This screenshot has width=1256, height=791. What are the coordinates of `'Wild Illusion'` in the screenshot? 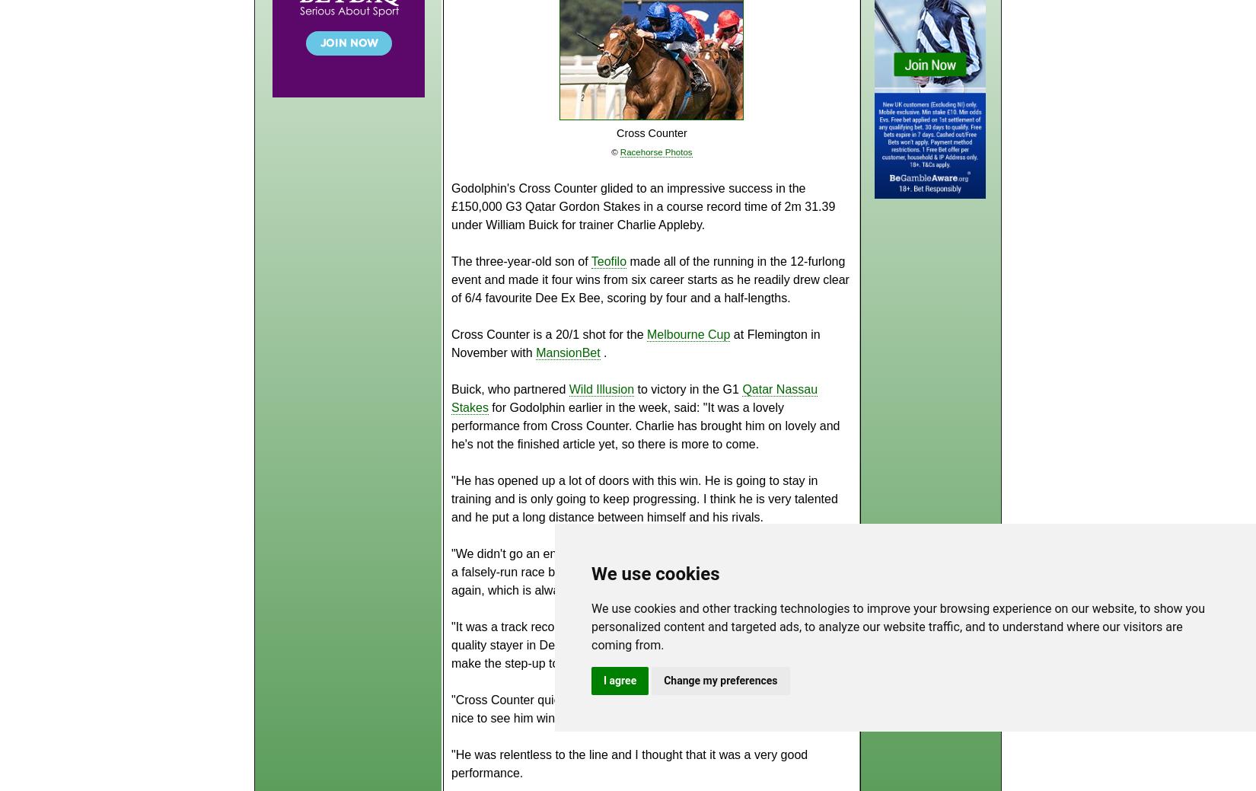 It's located at (601, 388).